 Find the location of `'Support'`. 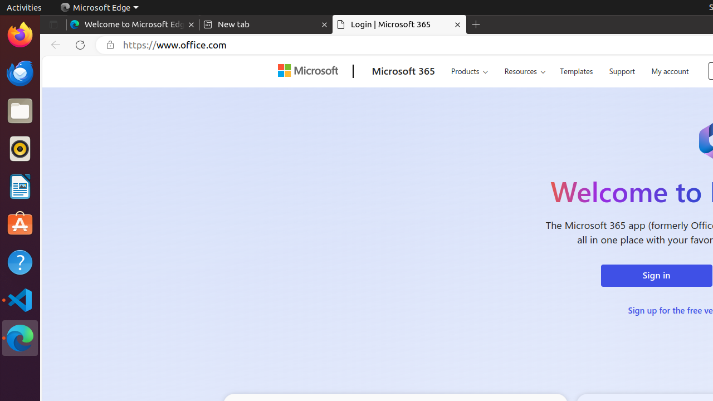

'Support' is located at coordinates (621, 70).